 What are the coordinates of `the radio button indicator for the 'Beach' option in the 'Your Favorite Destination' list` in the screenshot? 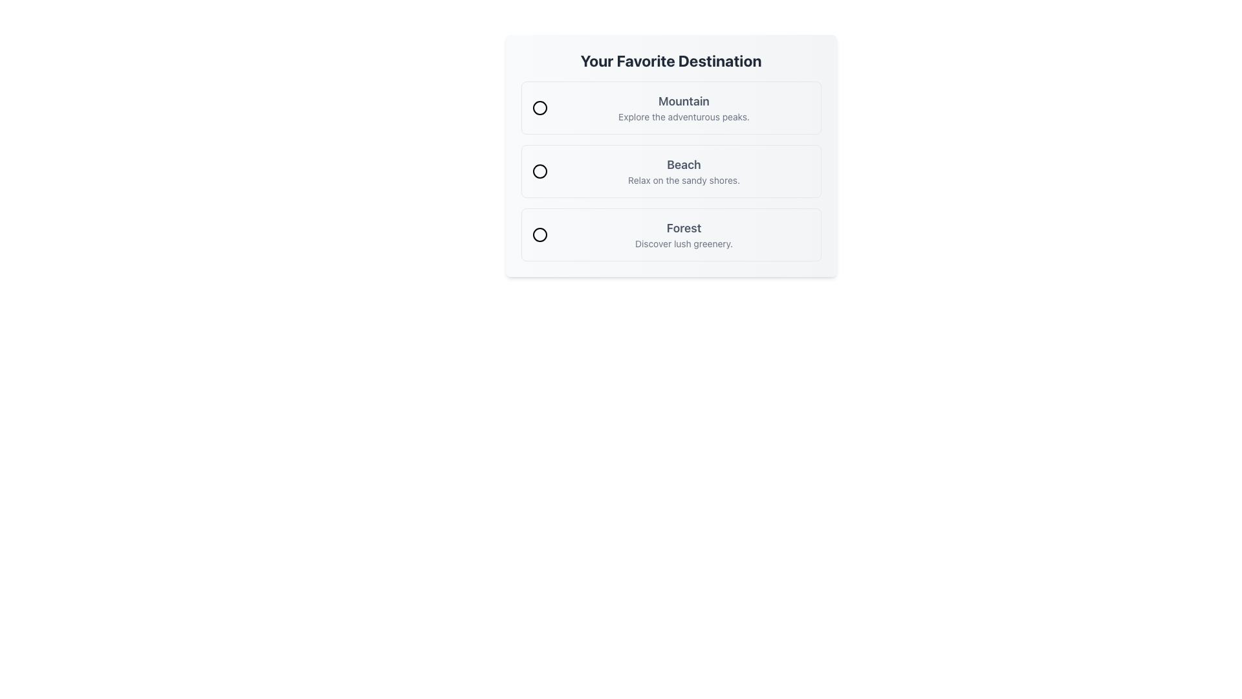 It's located at (539, 171).